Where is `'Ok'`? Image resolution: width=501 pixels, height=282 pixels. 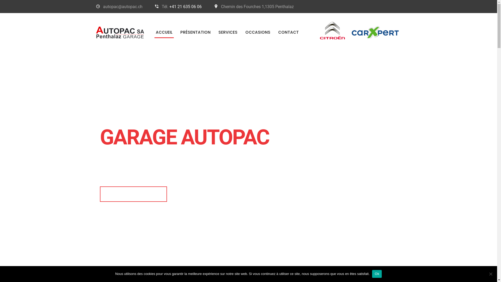 'Ok' is located at coordinates (377, 274).